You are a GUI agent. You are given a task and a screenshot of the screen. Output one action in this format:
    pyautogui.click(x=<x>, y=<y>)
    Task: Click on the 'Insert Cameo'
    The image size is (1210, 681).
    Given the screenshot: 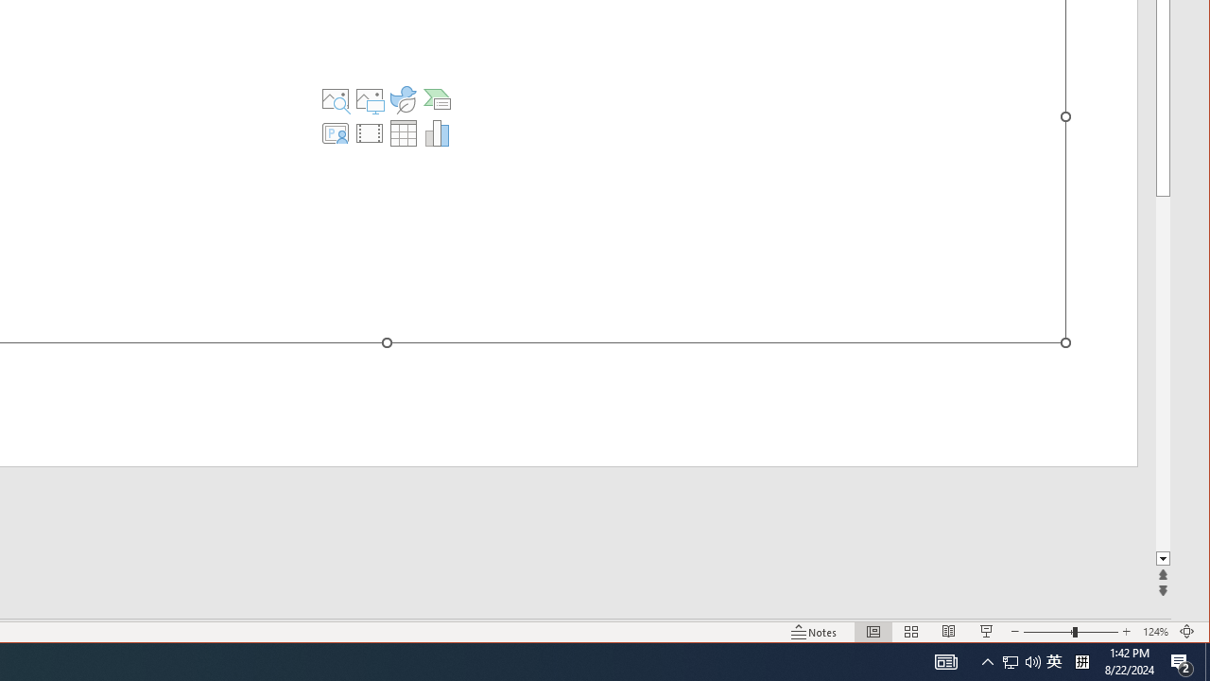 What is the action you would take?
    pyautogui.click(x=336, y=132)
    